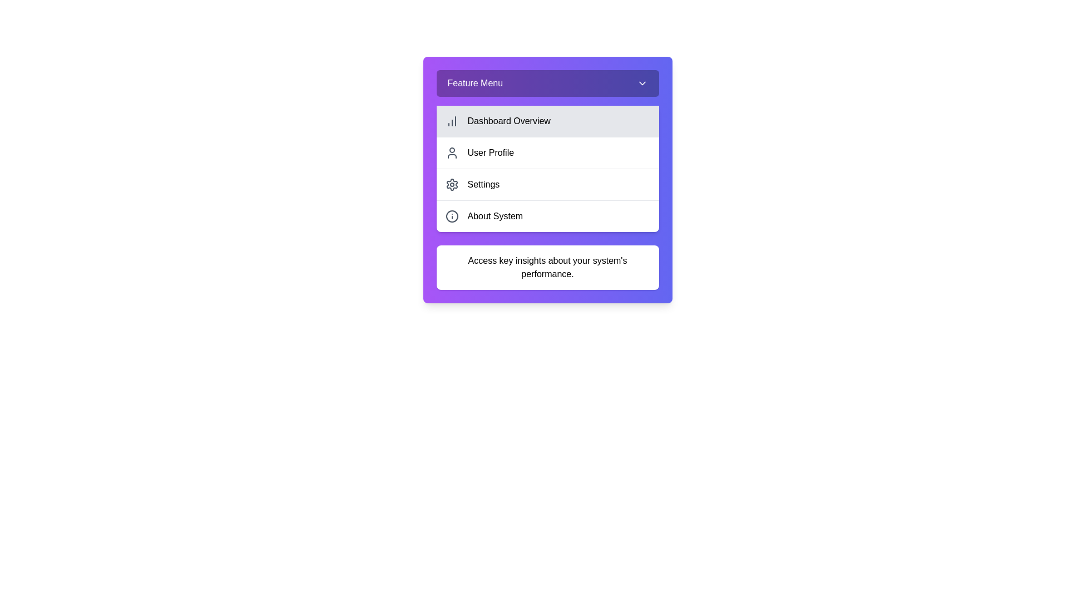  I want to click on the settings icon located immediately, so click(452, 184).